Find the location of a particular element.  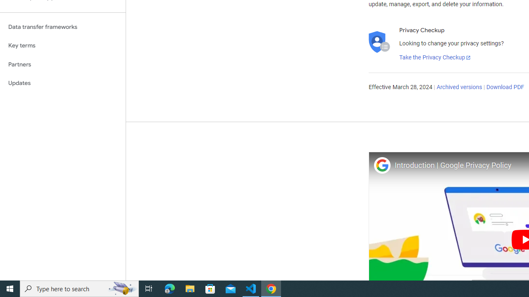

'Updates' is located at coordinates (62, 83).